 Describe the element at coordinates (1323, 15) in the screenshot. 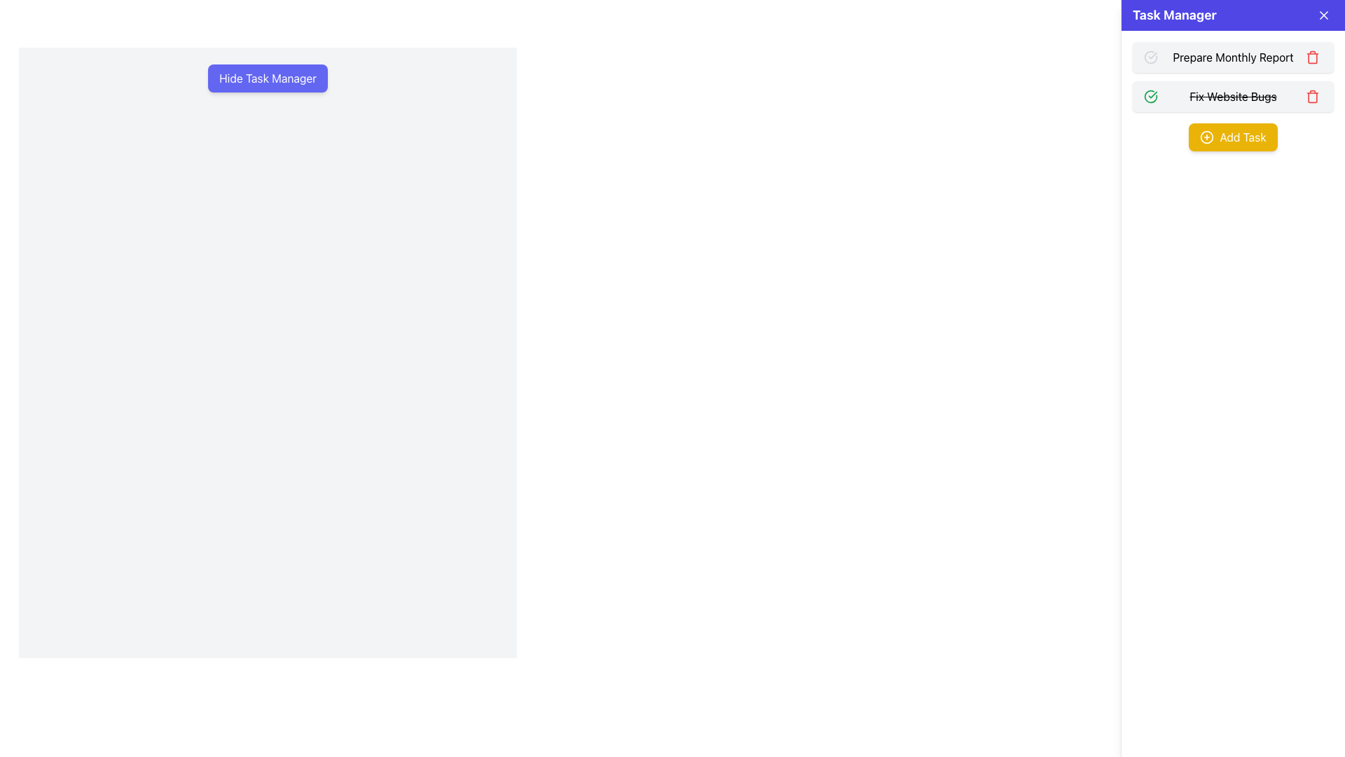

I see `the close button with a white 'X' symbol on a blue background located at the top-right corner of the 'Task Manager' header bar to change its color` at that location.